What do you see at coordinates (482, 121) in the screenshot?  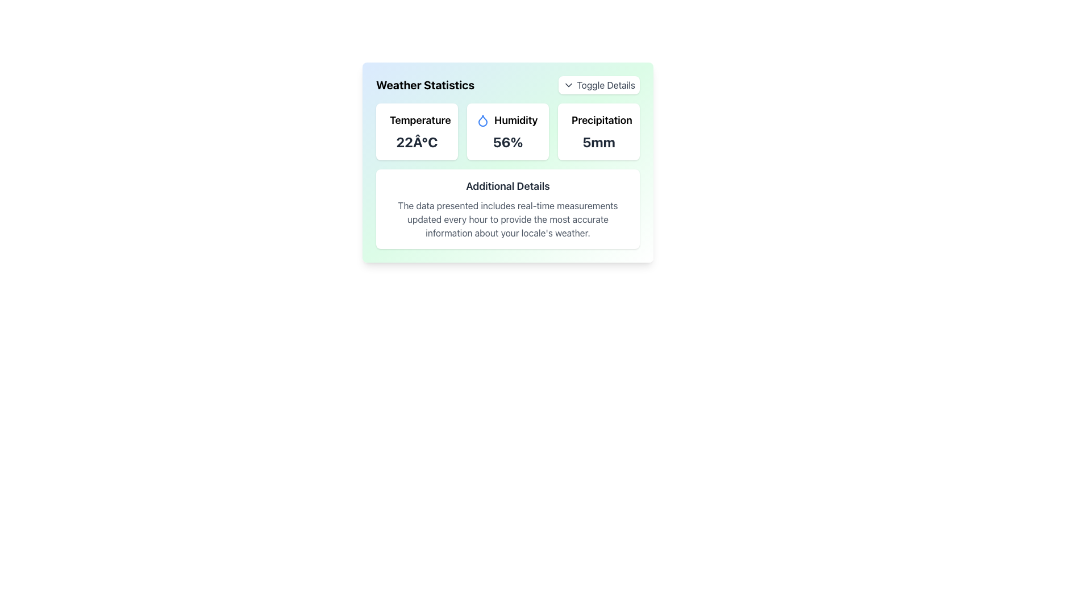 I see `the humidity icon located at the leftmost side of the 'Humidity' section, which is in the middle of the weather statistics row` at bounding box center [482, 121].